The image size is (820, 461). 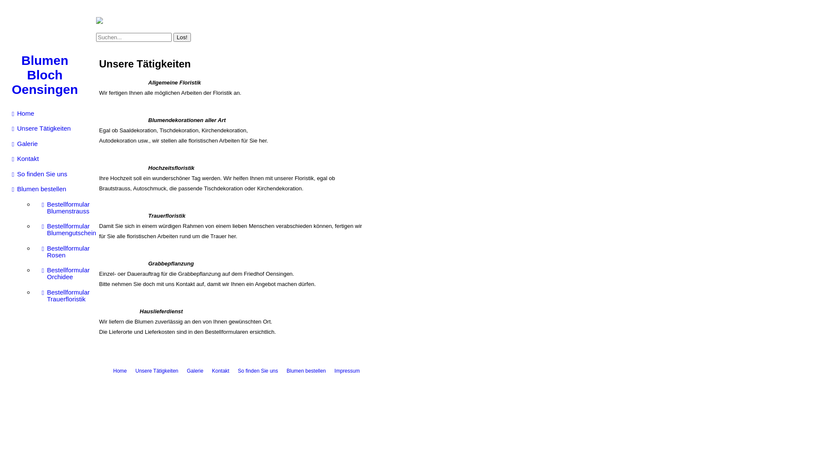 I want to click on 'Home', so click(x=112, y=370).